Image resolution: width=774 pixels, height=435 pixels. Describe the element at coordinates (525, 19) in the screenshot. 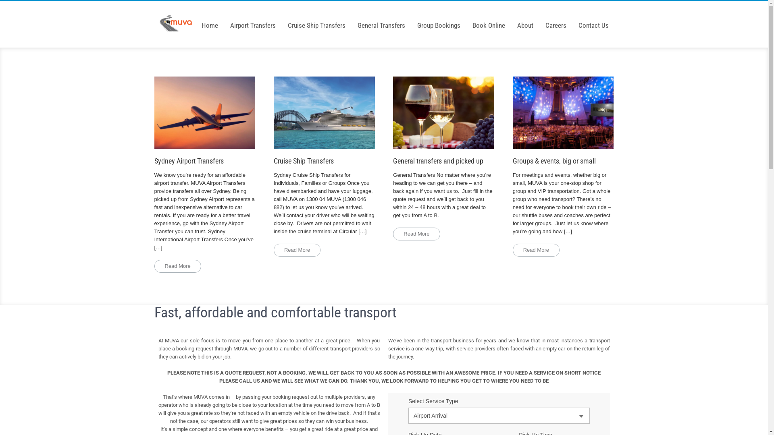

I see `'About'` at that location.